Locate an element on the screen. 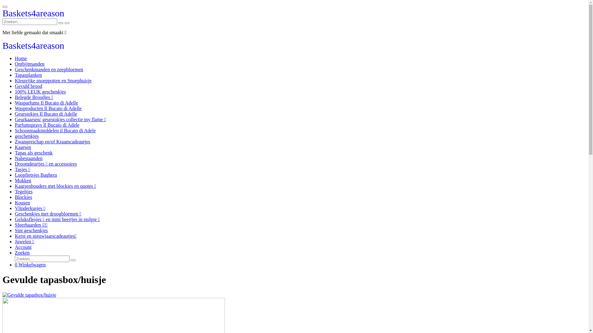 The height and width of the screenshot is (333, 593). 'Account' is located at coordinates (23, 247).